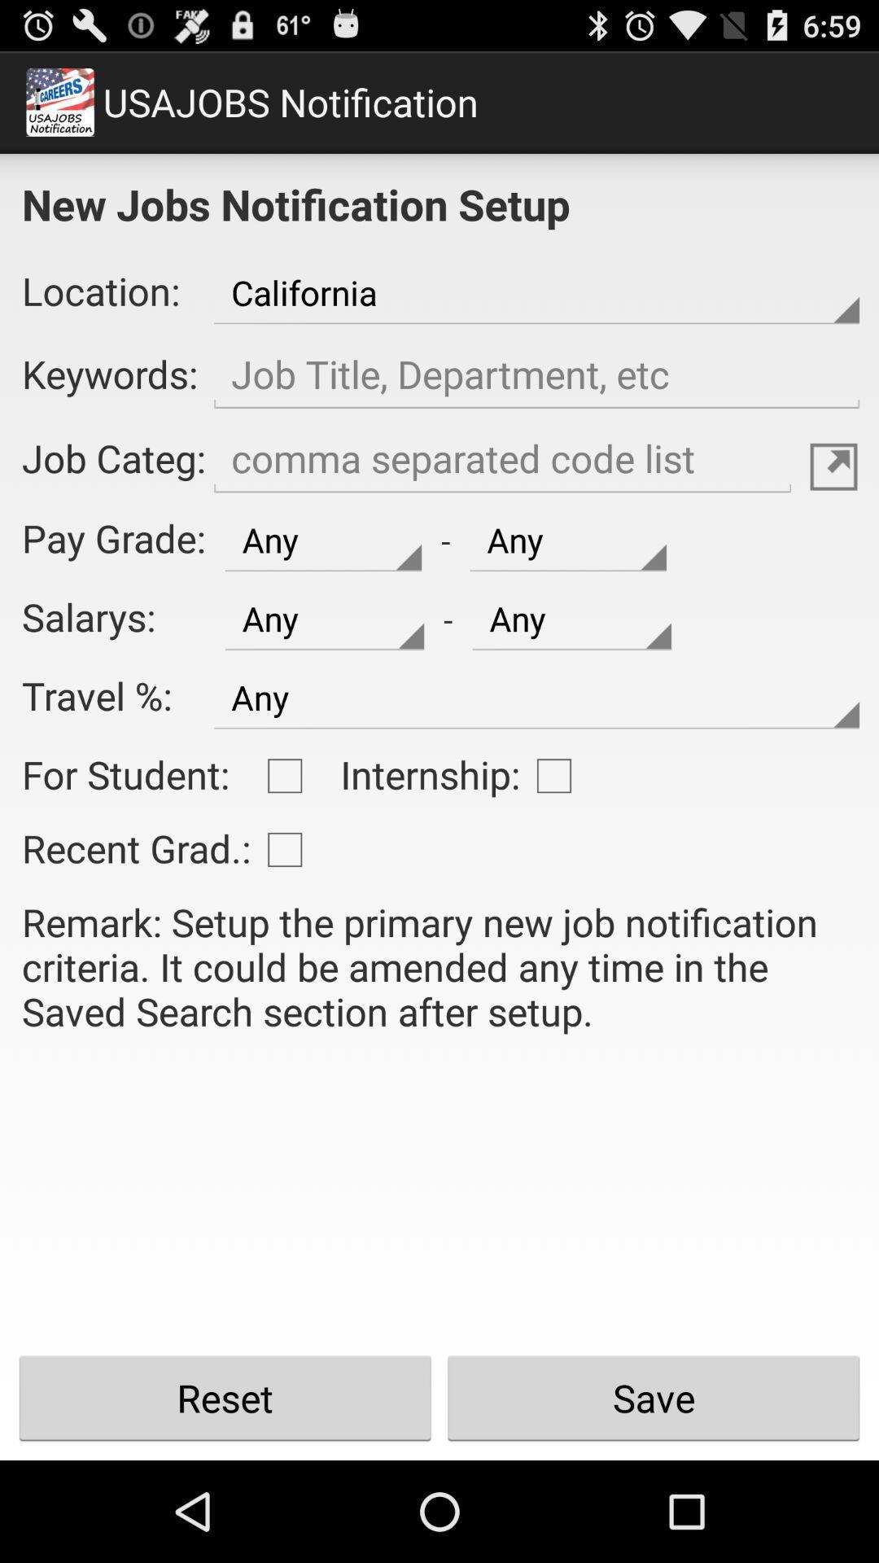  What do you see at coordinates (536, 698) in the screenshot?
I see `any field which is on the right to travel` at bounding box center [536, 698].